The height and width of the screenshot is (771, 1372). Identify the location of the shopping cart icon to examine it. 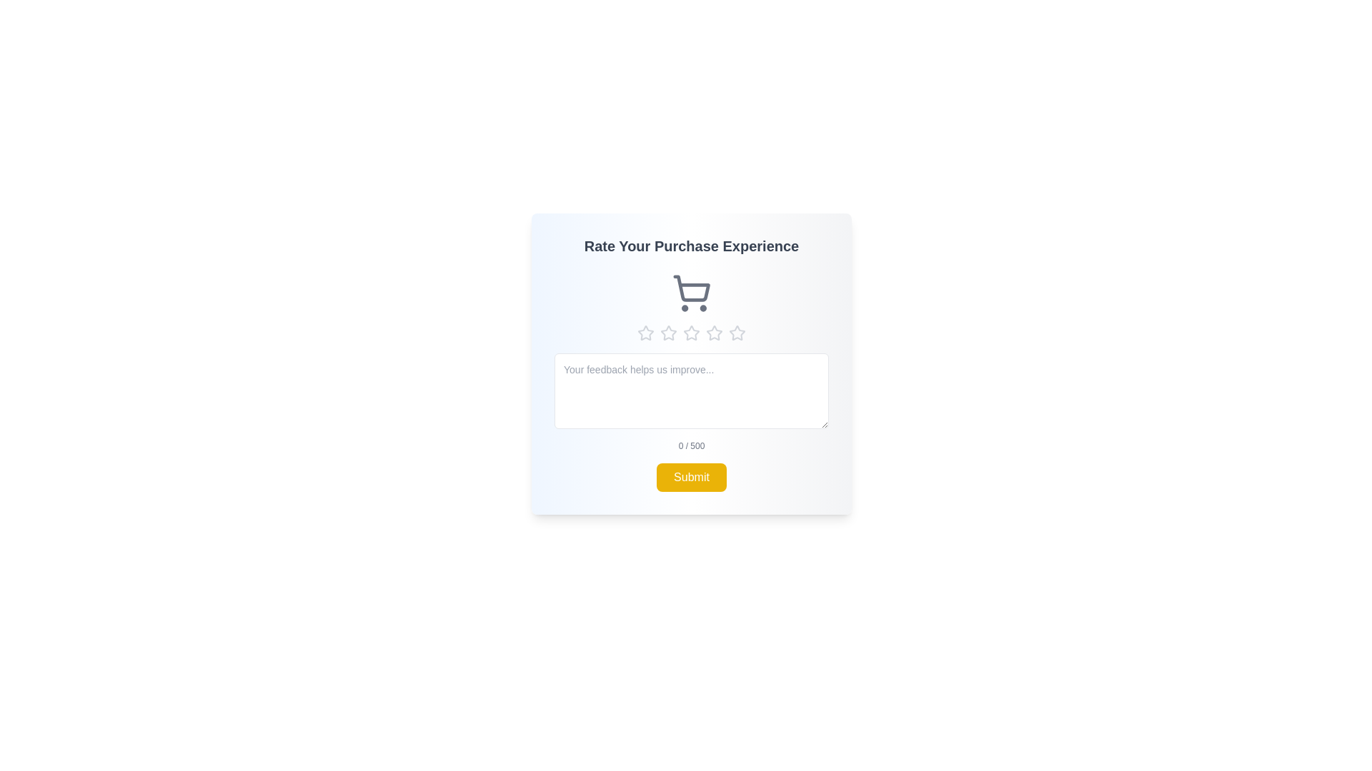
(692, 293).